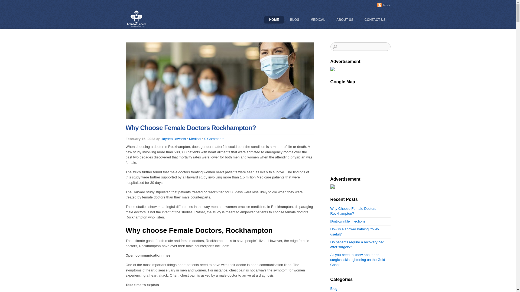 The height and width of the screenshot is (292, 520). Describe the element at coordinates (136, 18) in the screenshot. I see `'I can for Cancer'` at that location.